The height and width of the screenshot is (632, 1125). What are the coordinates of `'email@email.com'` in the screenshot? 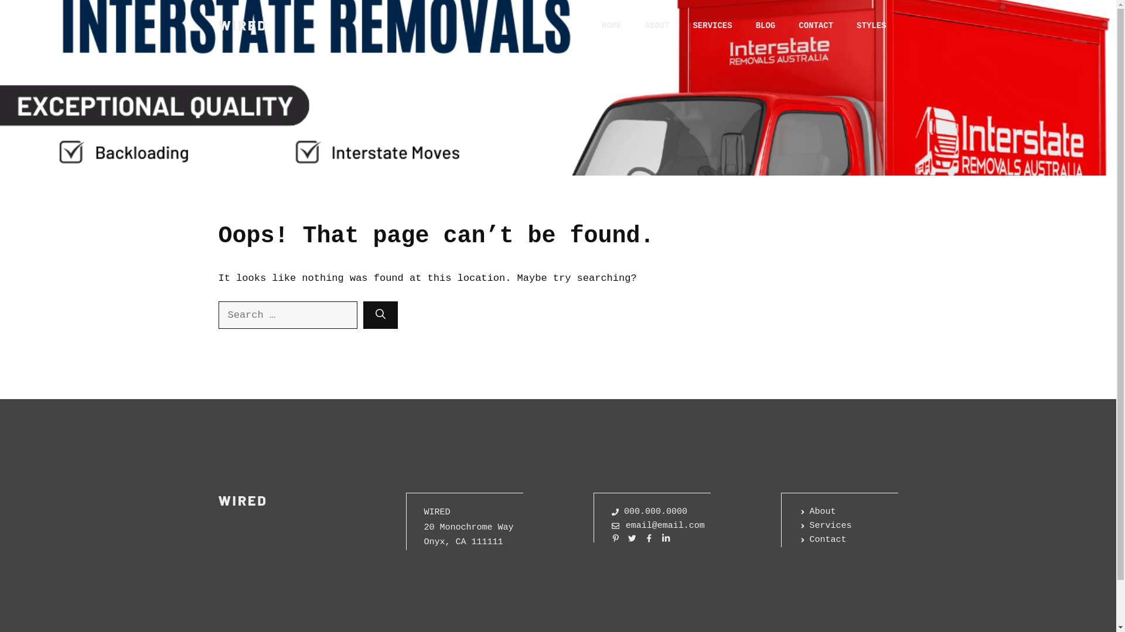 It's located at (658, 525).